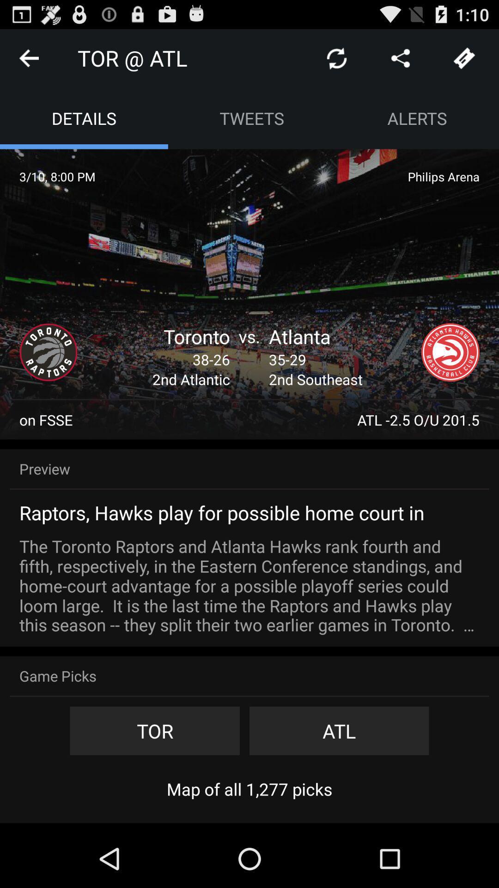 This screenshot has width=499, height=888. What do you see at coordinates (417, 117) in the screenshot?
I see `the icon next to tweets app` at bounding box center [417, 117].